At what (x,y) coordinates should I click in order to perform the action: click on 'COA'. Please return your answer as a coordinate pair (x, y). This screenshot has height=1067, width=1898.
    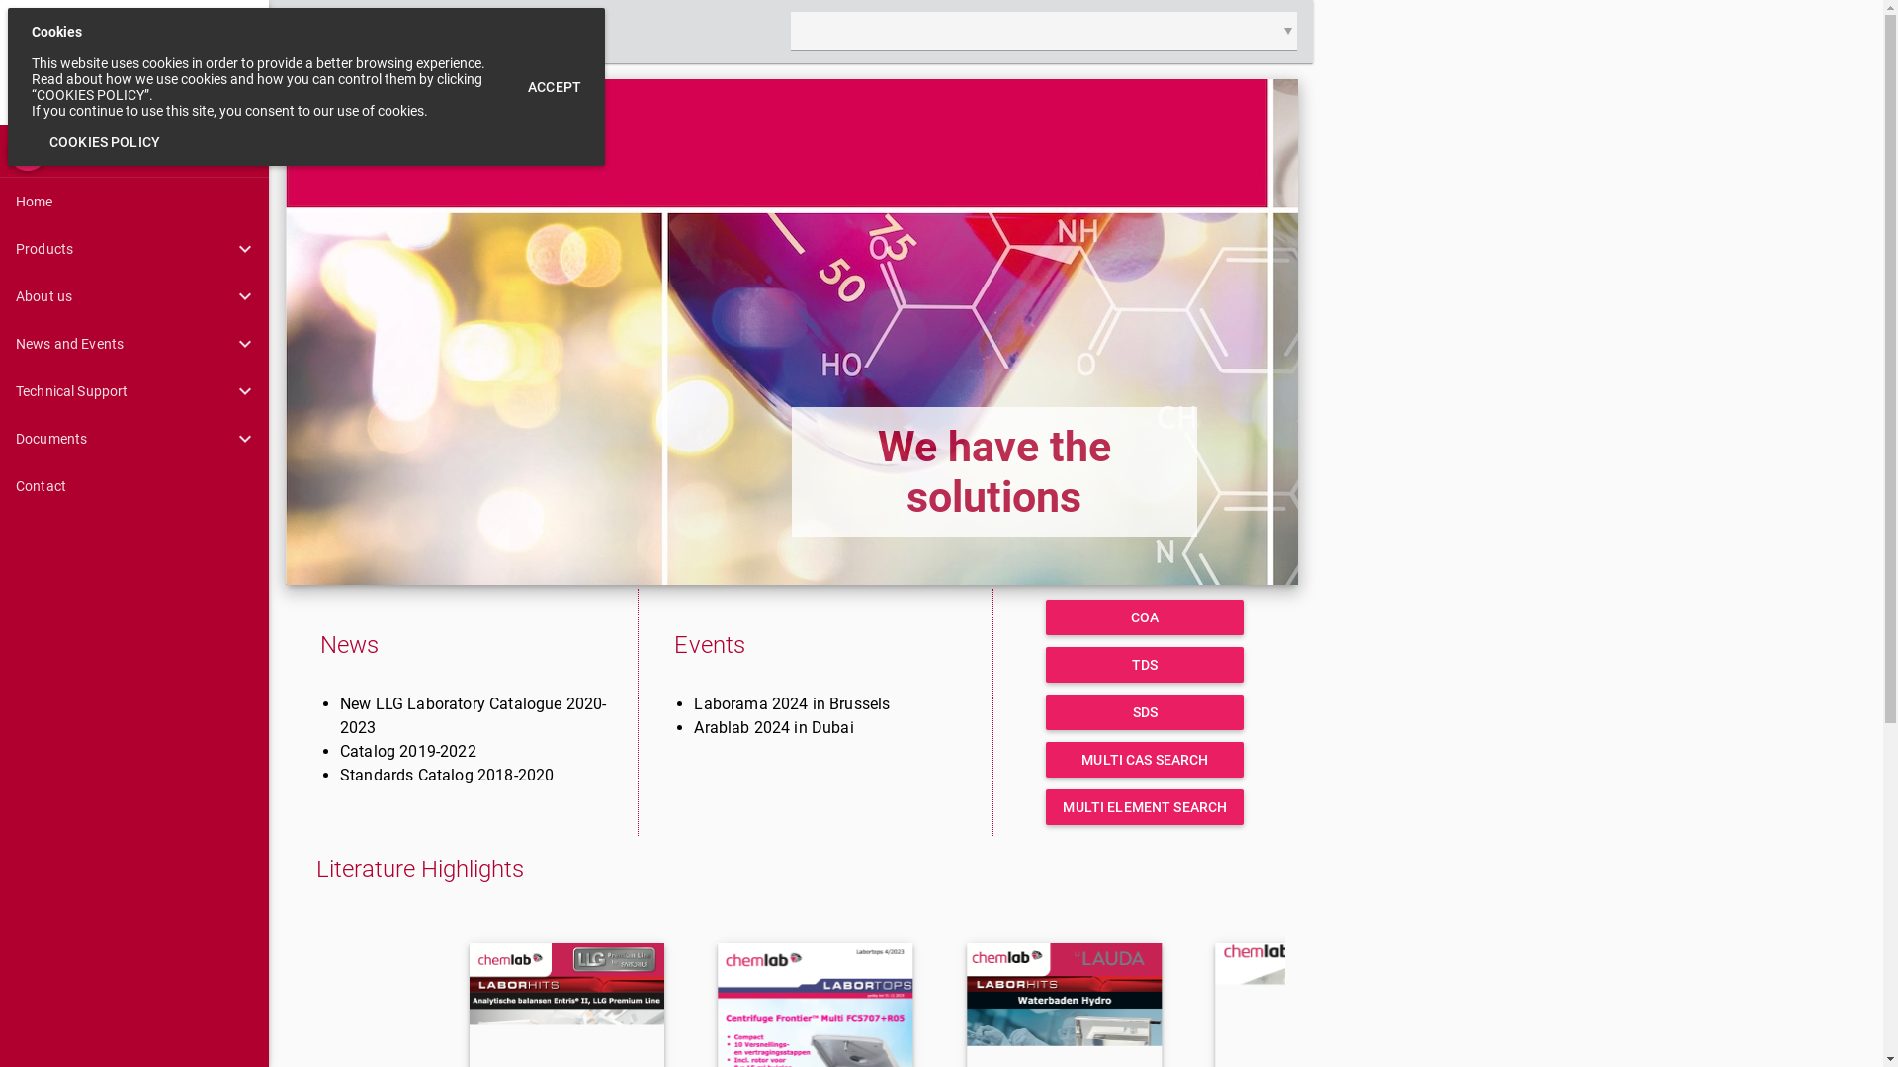
    Looking at the image, I should click on (1044, 616).